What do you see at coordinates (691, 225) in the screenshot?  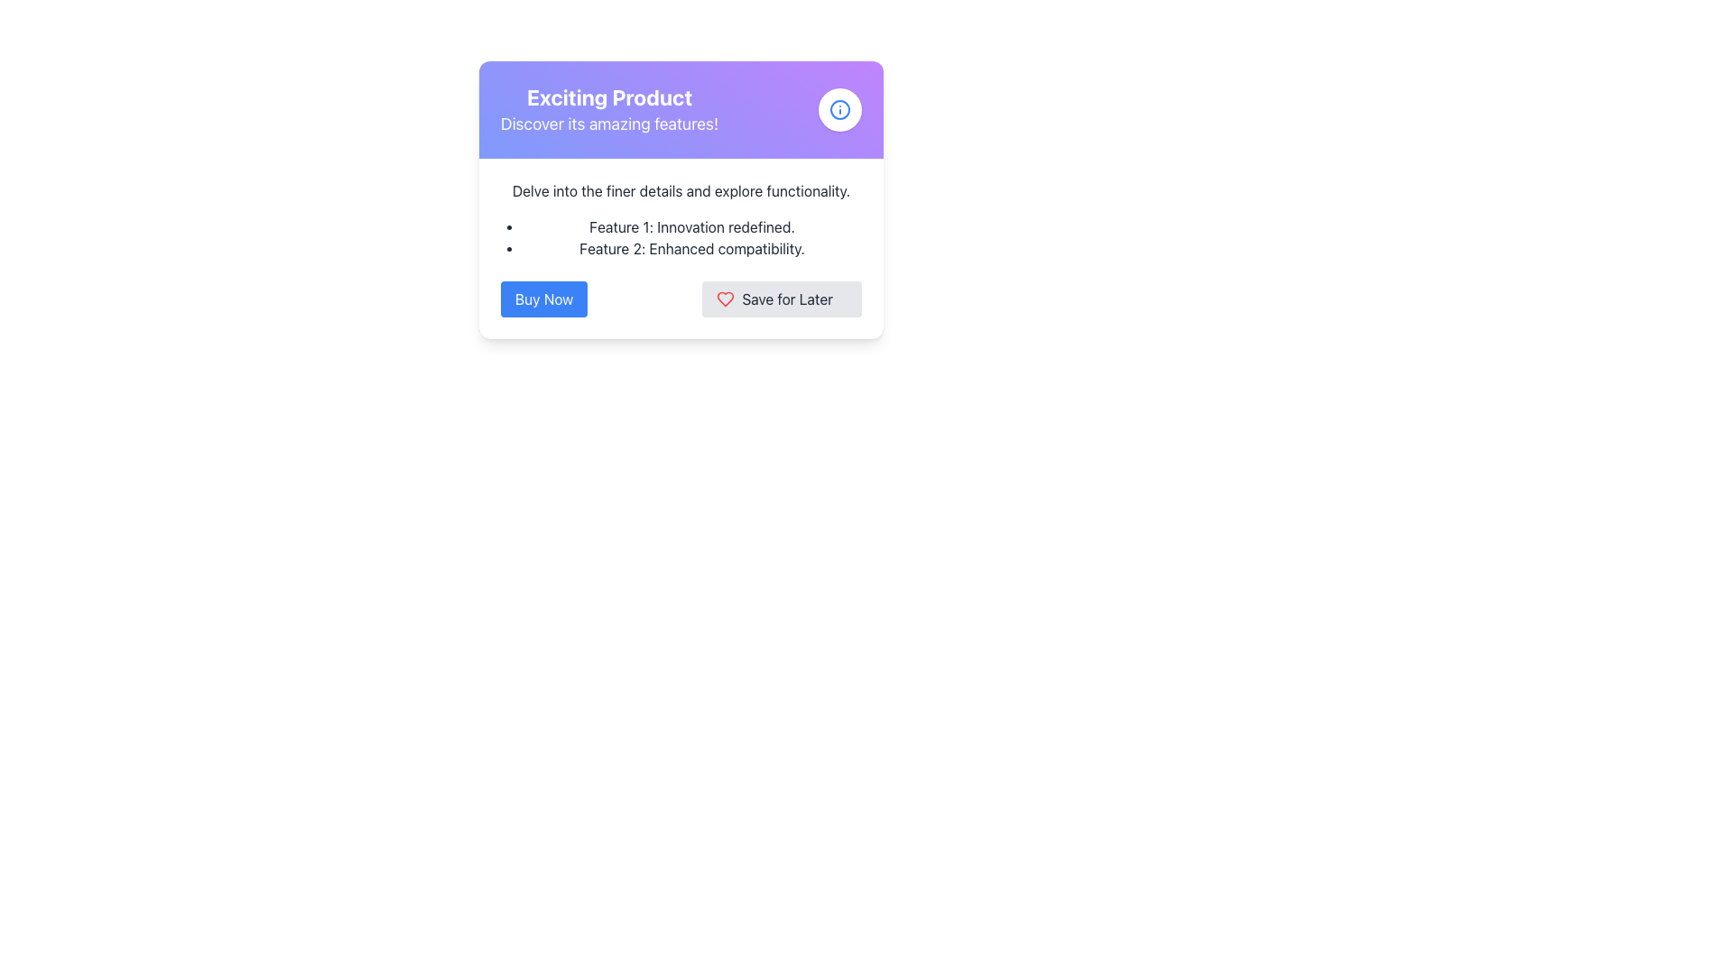 I see `the first item in the bullet list that provides descriptive textual information about a feature, located in the upper section of the interface card layout` at bounding box center [691, 225].